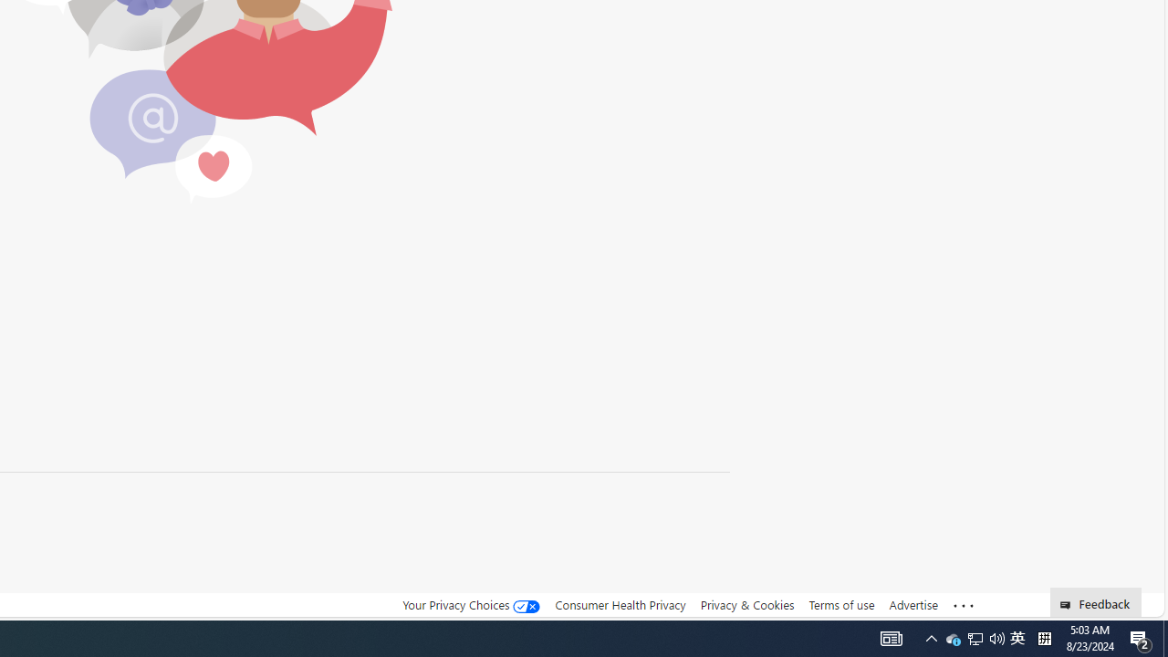 Image resolution: width=1168 pixels, height=657 pixels. Describe the element at coordinates (1095, 601) in the screenshot. I see `'Feedback'` at that location.